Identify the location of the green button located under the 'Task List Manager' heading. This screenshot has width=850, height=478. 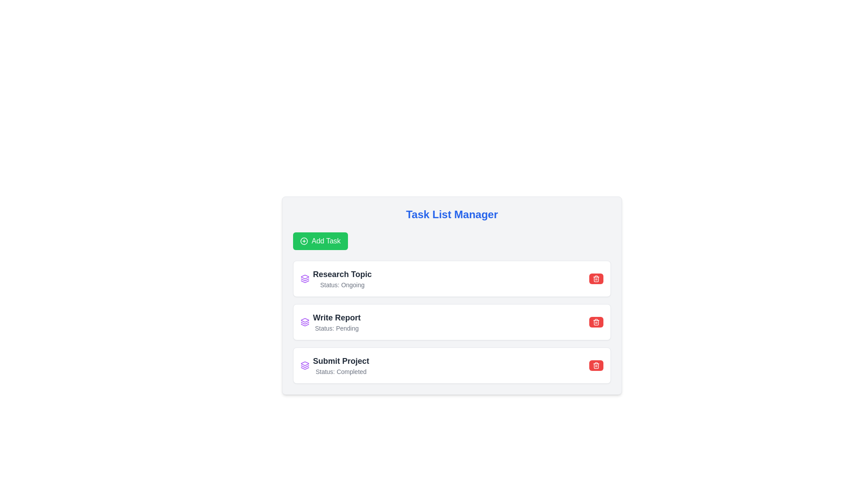
(320, 241).